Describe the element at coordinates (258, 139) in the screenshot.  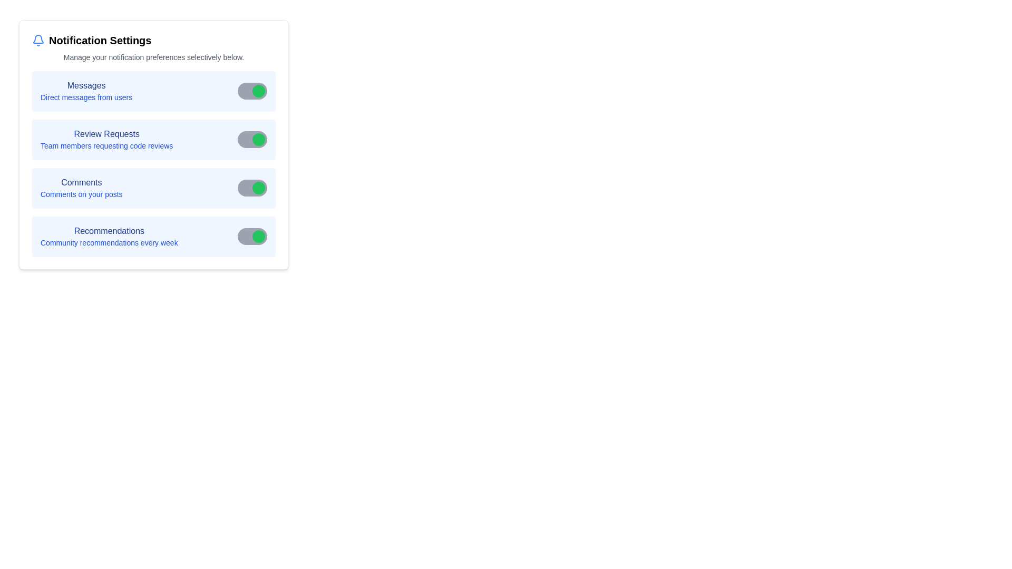
I see `the handle of the toggle switch for the 'Review Requests' setting` at that location.